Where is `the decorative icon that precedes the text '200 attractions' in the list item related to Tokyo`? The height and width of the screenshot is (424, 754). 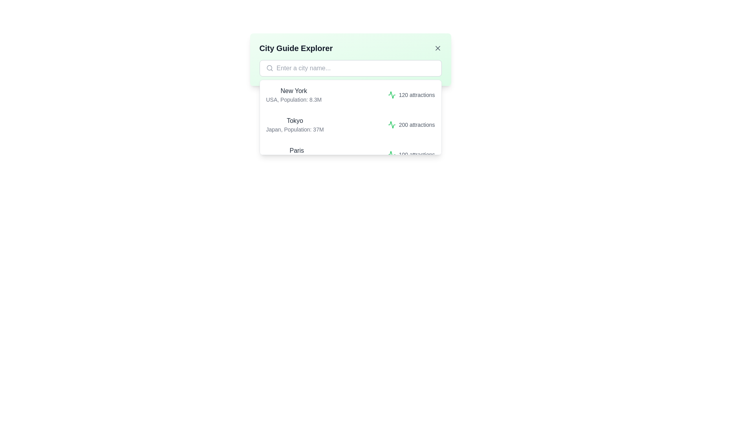
the decorative icon that precedes the text '200 attractions' in the list item related to Tokyo is located at coordinates (392, 124).